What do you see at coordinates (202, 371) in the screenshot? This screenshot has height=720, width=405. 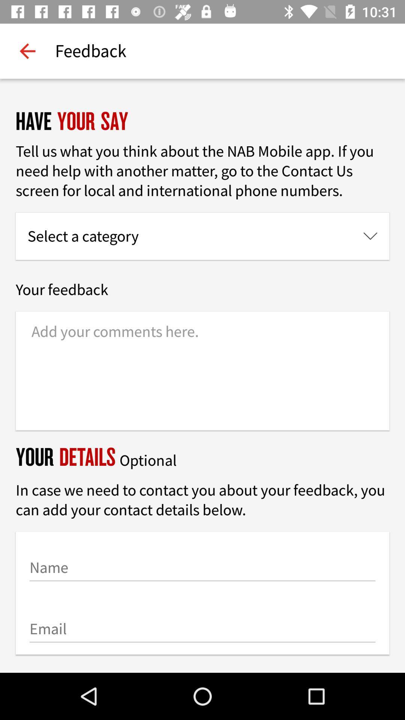 I see `comments` at bounding box center [202, 371].